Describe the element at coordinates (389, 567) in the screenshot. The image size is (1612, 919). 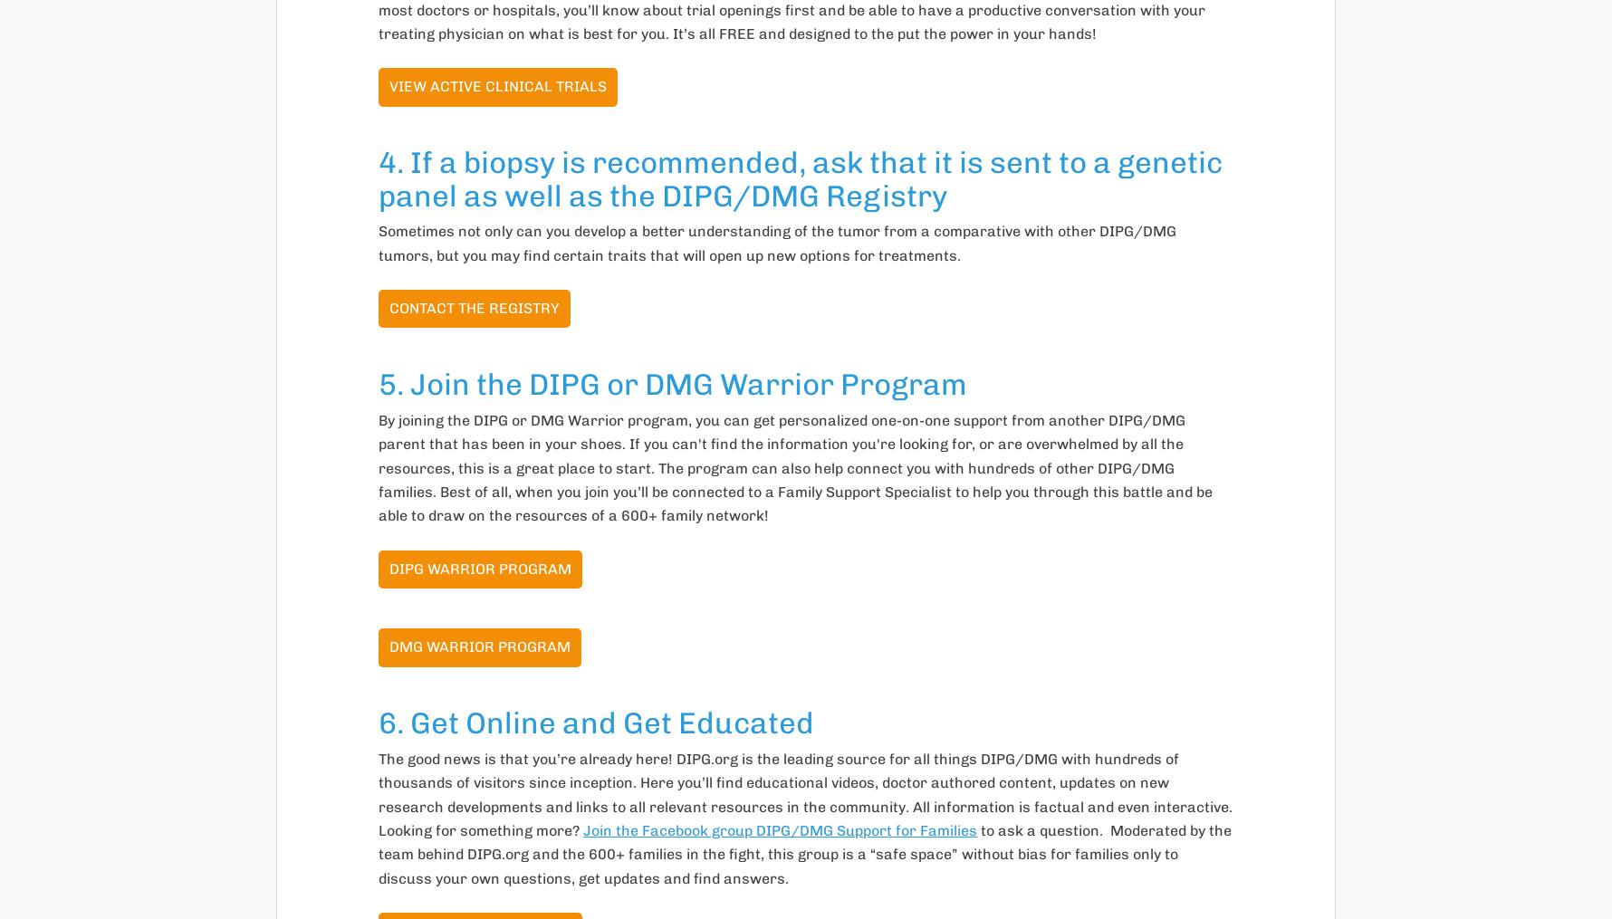
I see `'DIPG Warrior Program'` at that location.